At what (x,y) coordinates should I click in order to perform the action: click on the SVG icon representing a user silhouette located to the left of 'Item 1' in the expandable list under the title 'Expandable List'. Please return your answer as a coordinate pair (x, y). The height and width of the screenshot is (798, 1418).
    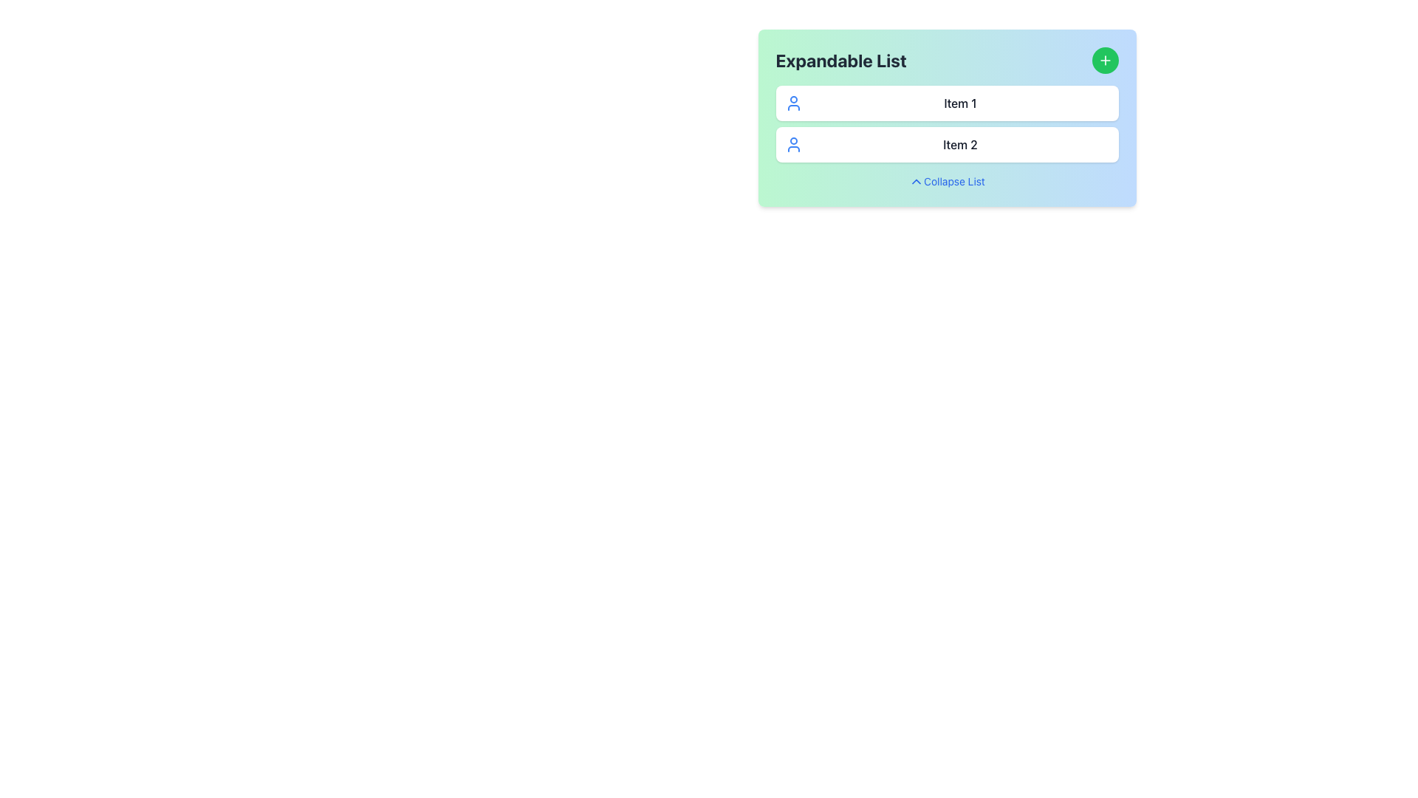
    Looking at the image, I should click on (792, 102).